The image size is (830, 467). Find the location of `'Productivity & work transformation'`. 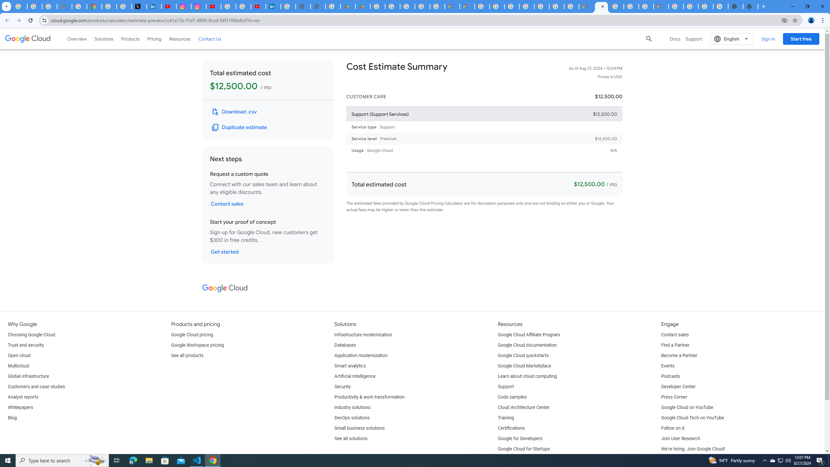

'Productivity & work transformation' is located at coordinates (370, 397).